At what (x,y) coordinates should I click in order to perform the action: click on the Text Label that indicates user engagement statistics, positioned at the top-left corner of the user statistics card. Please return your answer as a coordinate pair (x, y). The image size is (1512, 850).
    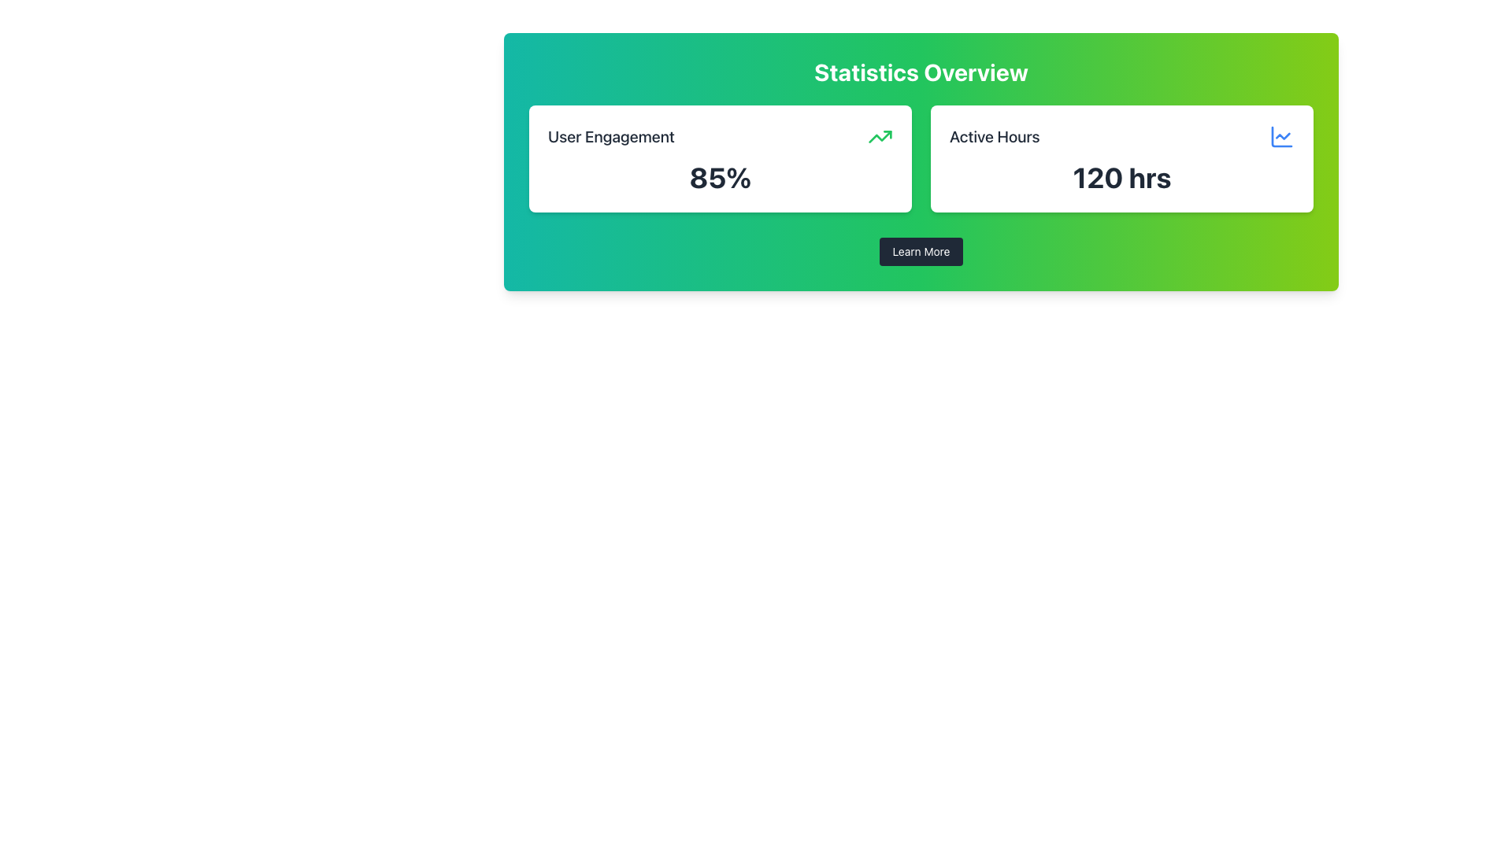
    Looking at the image, I should click on (610, 135).